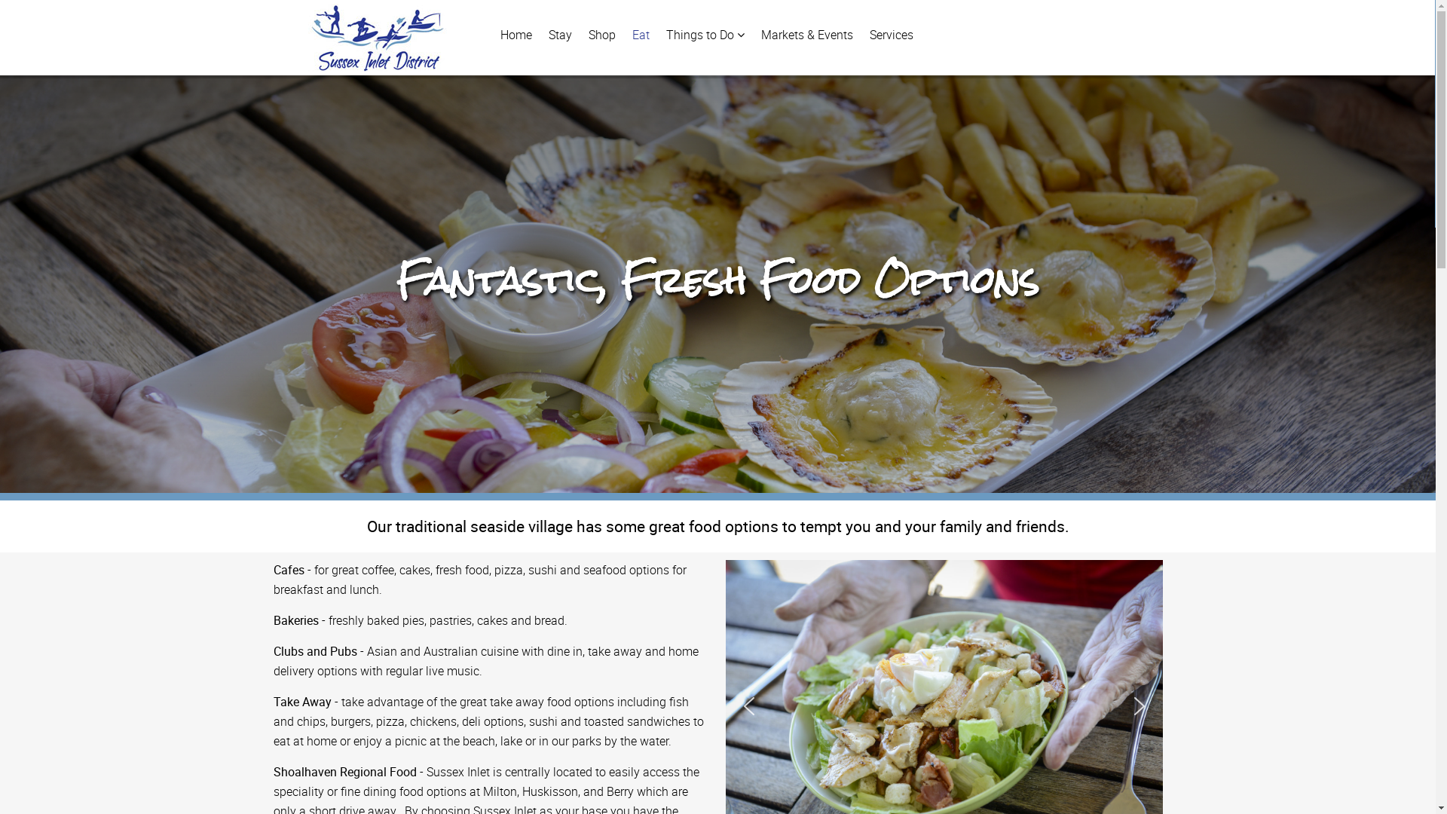 This screenshot has width=1447, height=814. Describe the element at coordinates (806, 34) in the screenshot. I see `'Markets & Events'` at that location.